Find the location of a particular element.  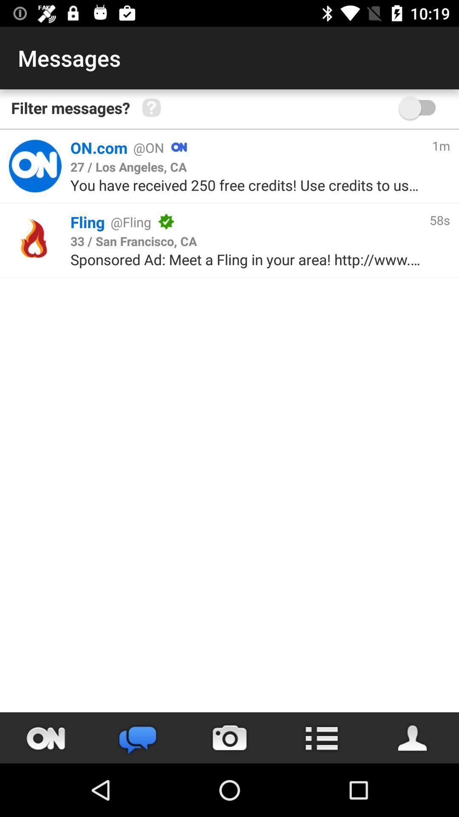

the sponsored ad meet is located at coordinates (245, 259).